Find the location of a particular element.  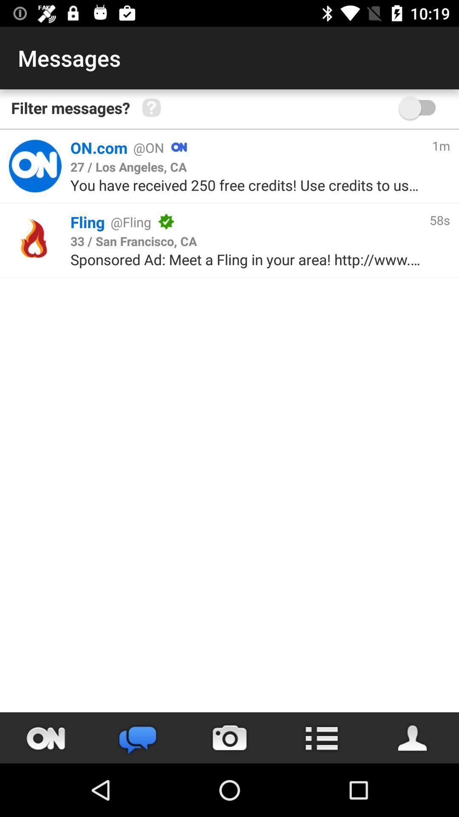

the sponsored ad meet is located at coordinates (245, 259).